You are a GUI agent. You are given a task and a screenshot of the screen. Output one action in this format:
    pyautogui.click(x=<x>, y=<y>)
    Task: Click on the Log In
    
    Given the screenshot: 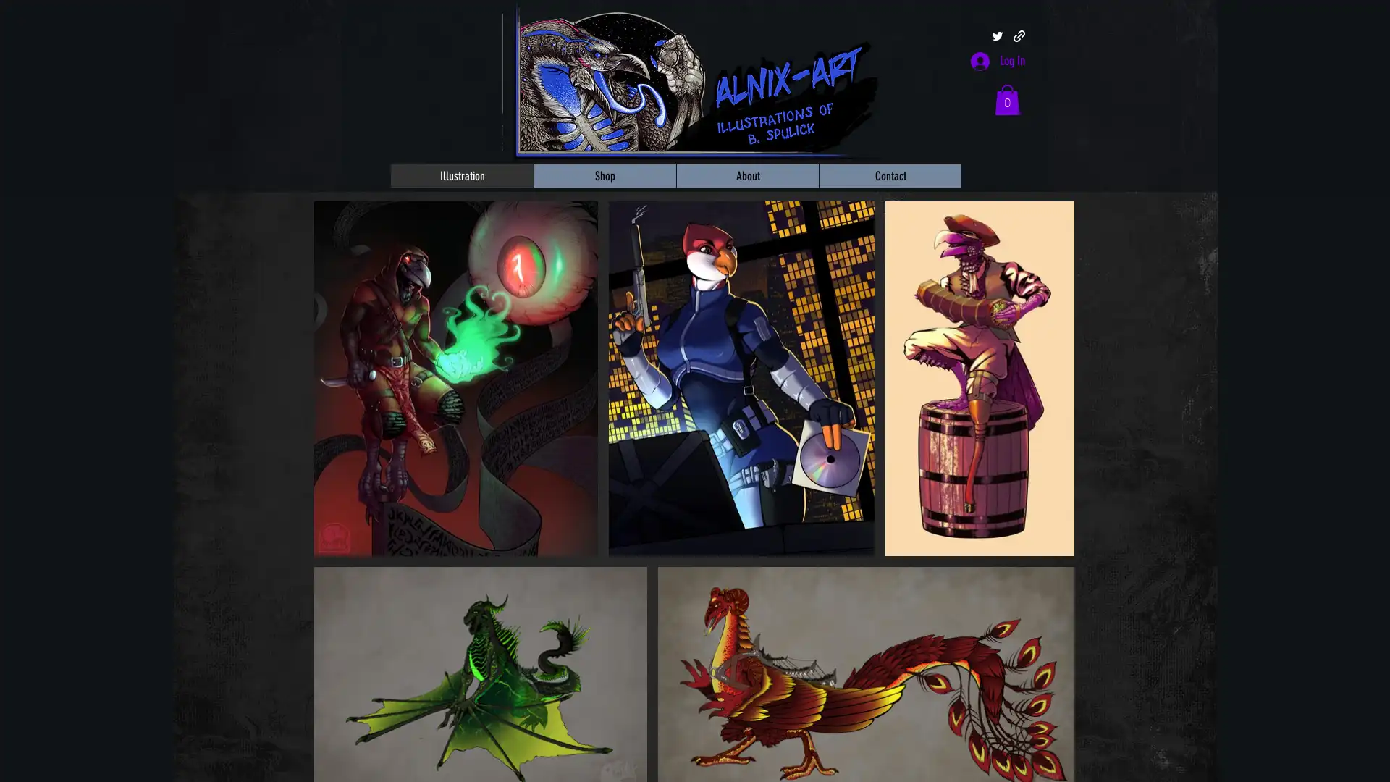 What is the action you would take?
    pyautogui.click(x=997, y=60)
    